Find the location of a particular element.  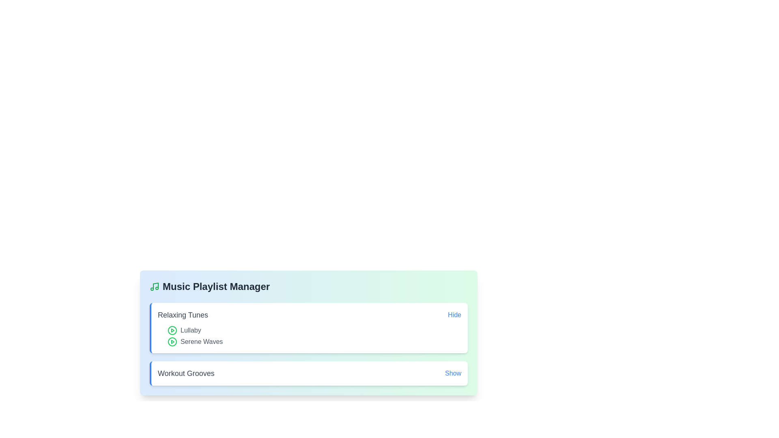

the musical note icon to explore its functionality is located at coordinates (154, 286).